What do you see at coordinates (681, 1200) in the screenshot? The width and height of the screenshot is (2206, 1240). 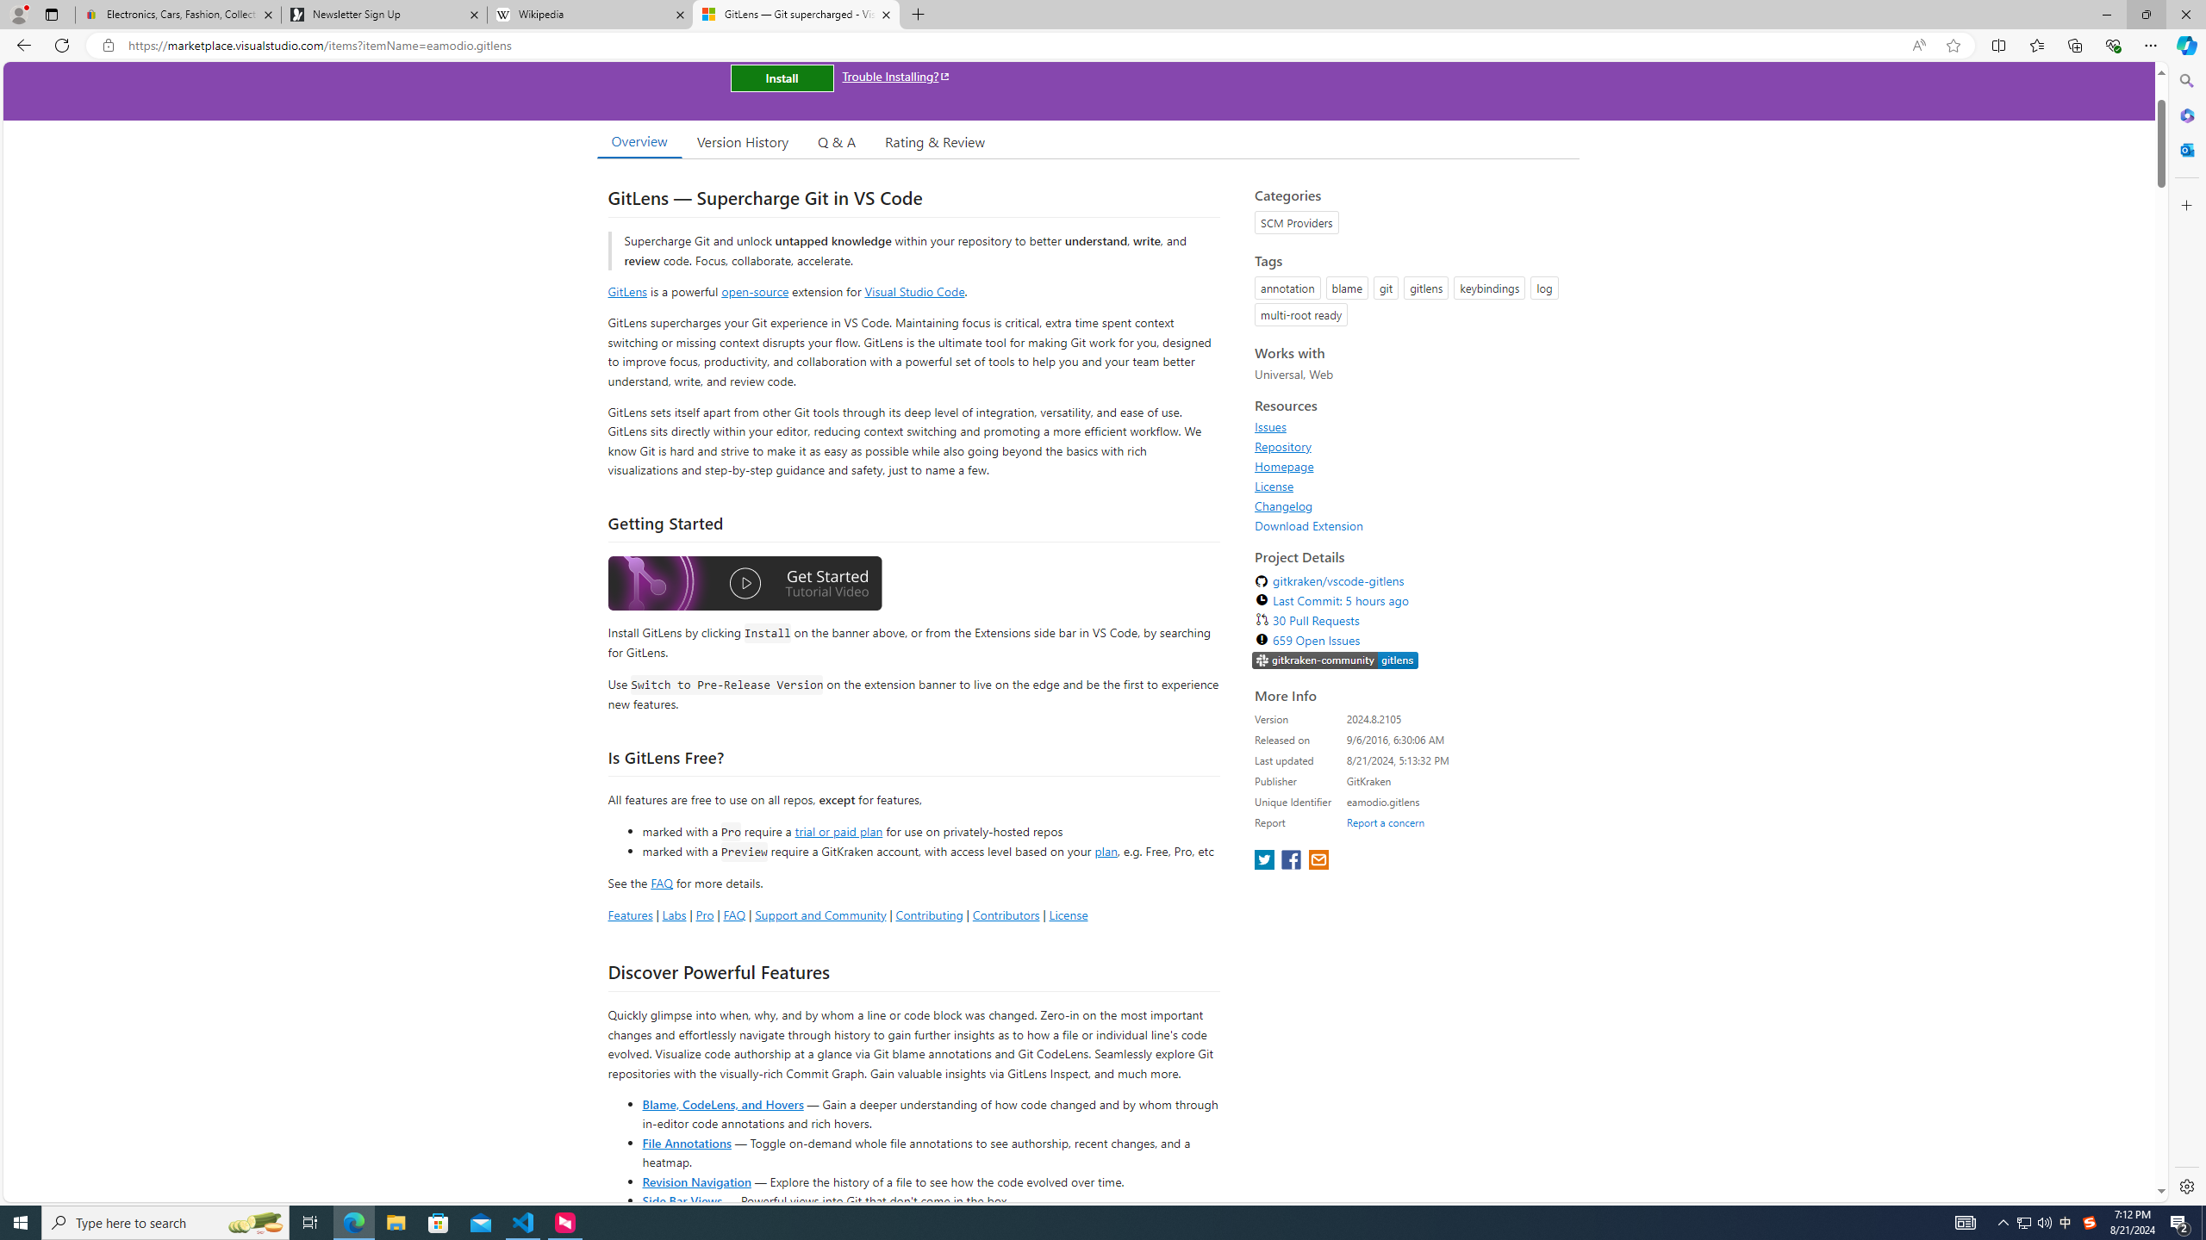 I see `'Side Bar Views'` at bounding box center [681, 1200].